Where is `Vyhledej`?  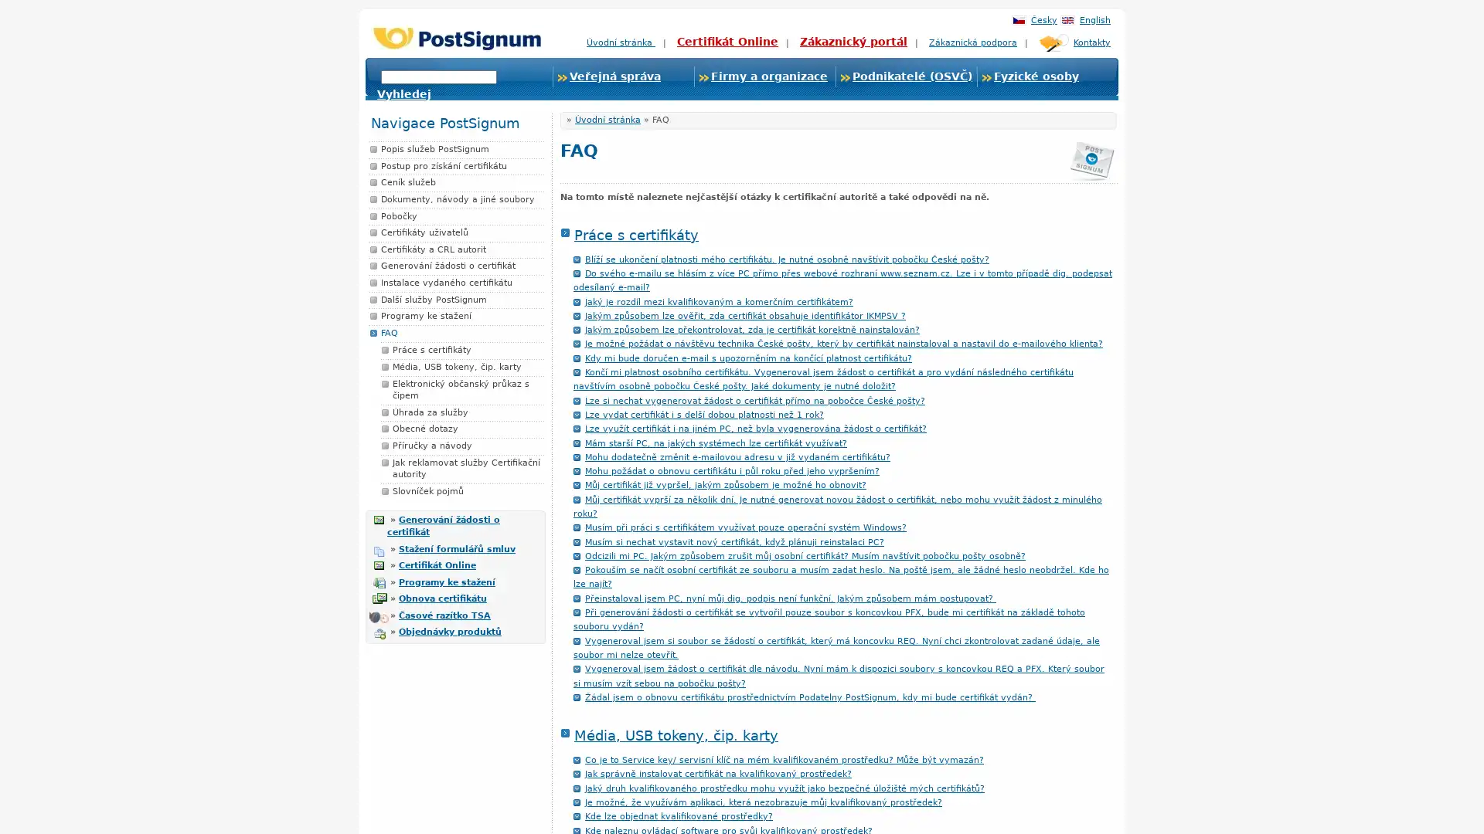 Vyhledej is located at coordinates (404, 94).